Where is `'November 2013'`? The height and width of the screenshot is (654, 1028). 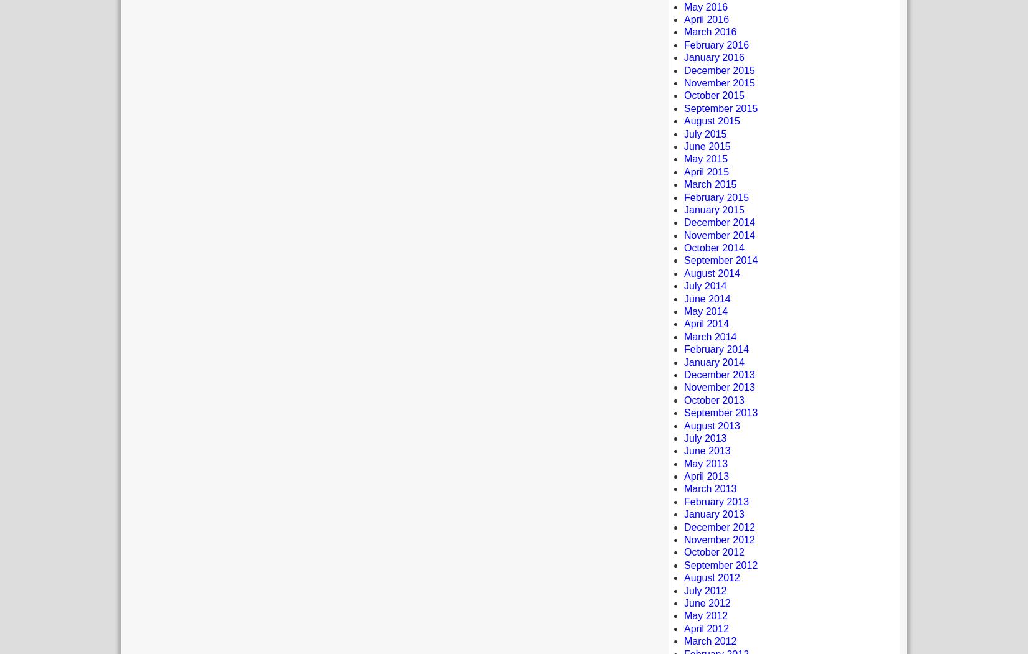
'November 2013' is located at coordinates (684, 386).